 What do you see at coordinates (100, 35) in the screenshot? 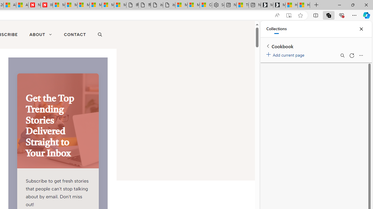
I see `'Open search'` at bounding box center [100, 35].